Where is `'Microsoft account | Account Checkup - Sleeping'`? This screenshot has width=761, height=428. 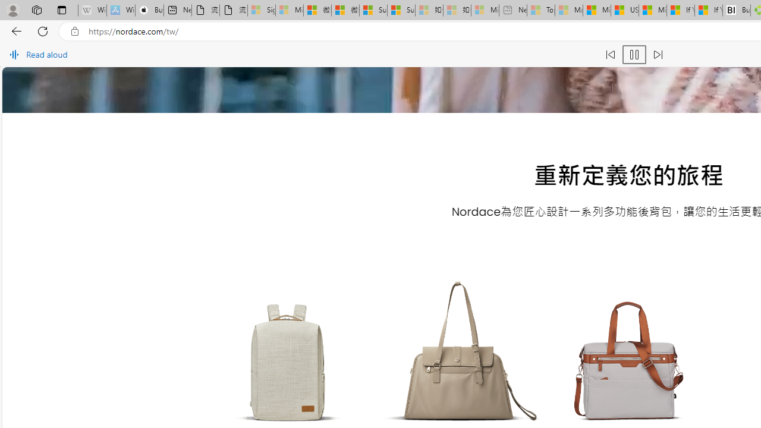 'Microsoft account | Account Checkup - Sleeping' is located at coordinates (485, 10).